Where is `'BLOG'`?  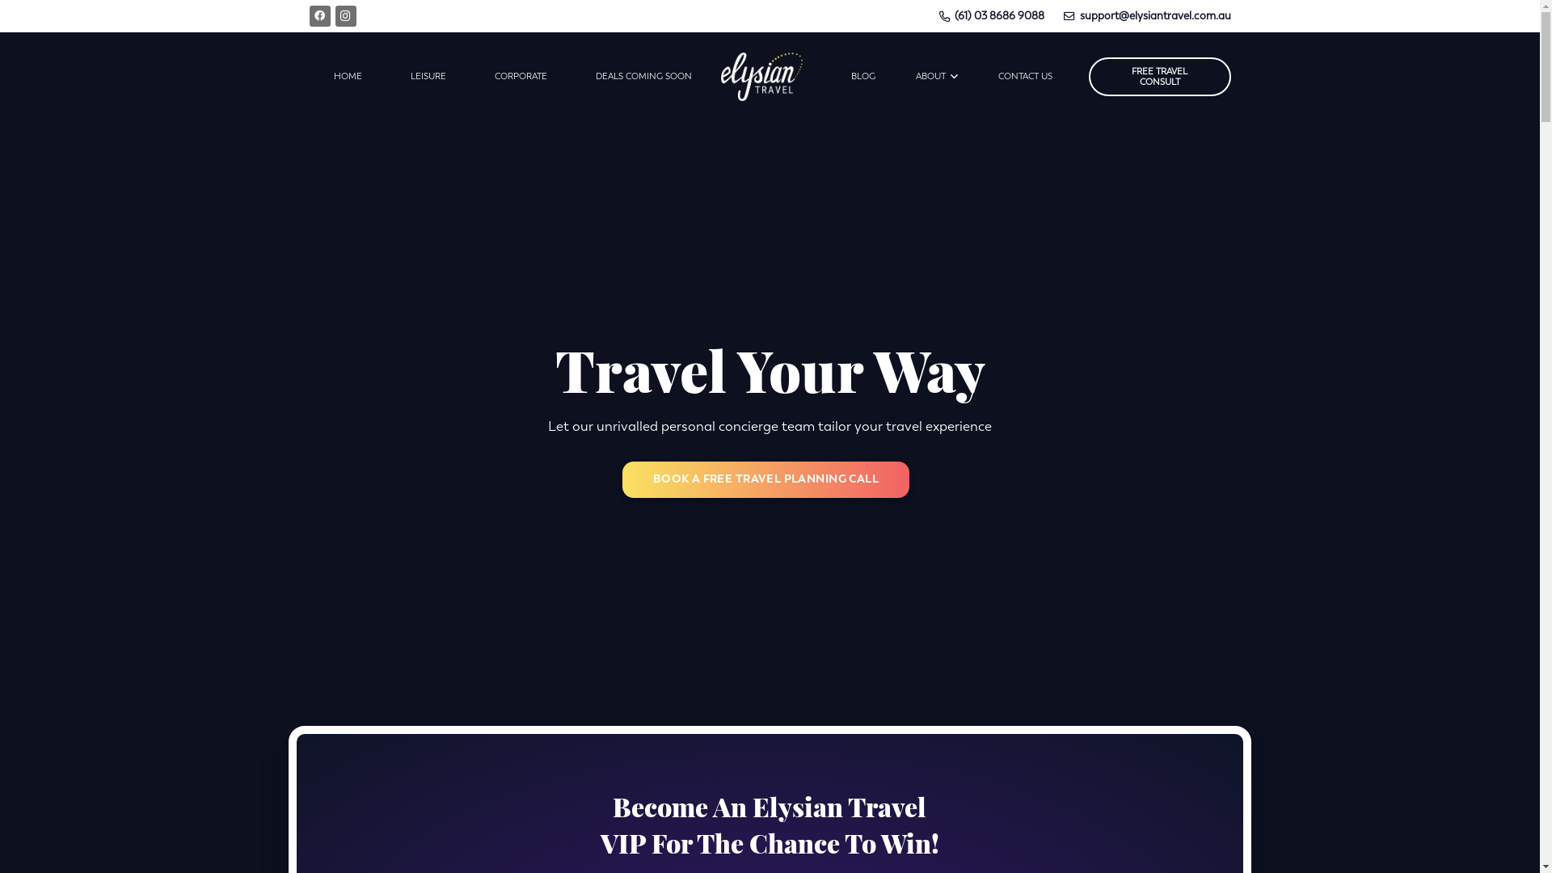
'BLOG' is located at coordinates (862, 77).